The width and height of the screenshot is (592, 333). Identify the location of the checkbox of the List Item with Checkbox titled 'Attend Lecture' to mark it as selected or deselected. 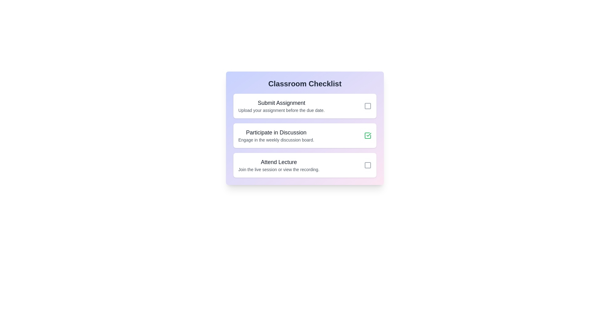
(305, 165).